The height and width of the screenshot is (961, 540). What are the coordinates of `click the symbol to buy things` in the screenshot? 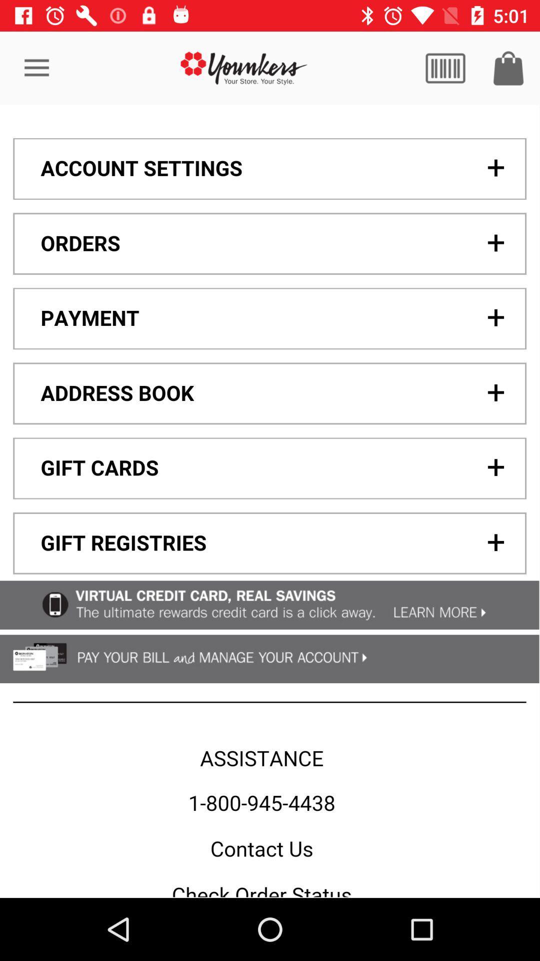 It's located at (508, 68).